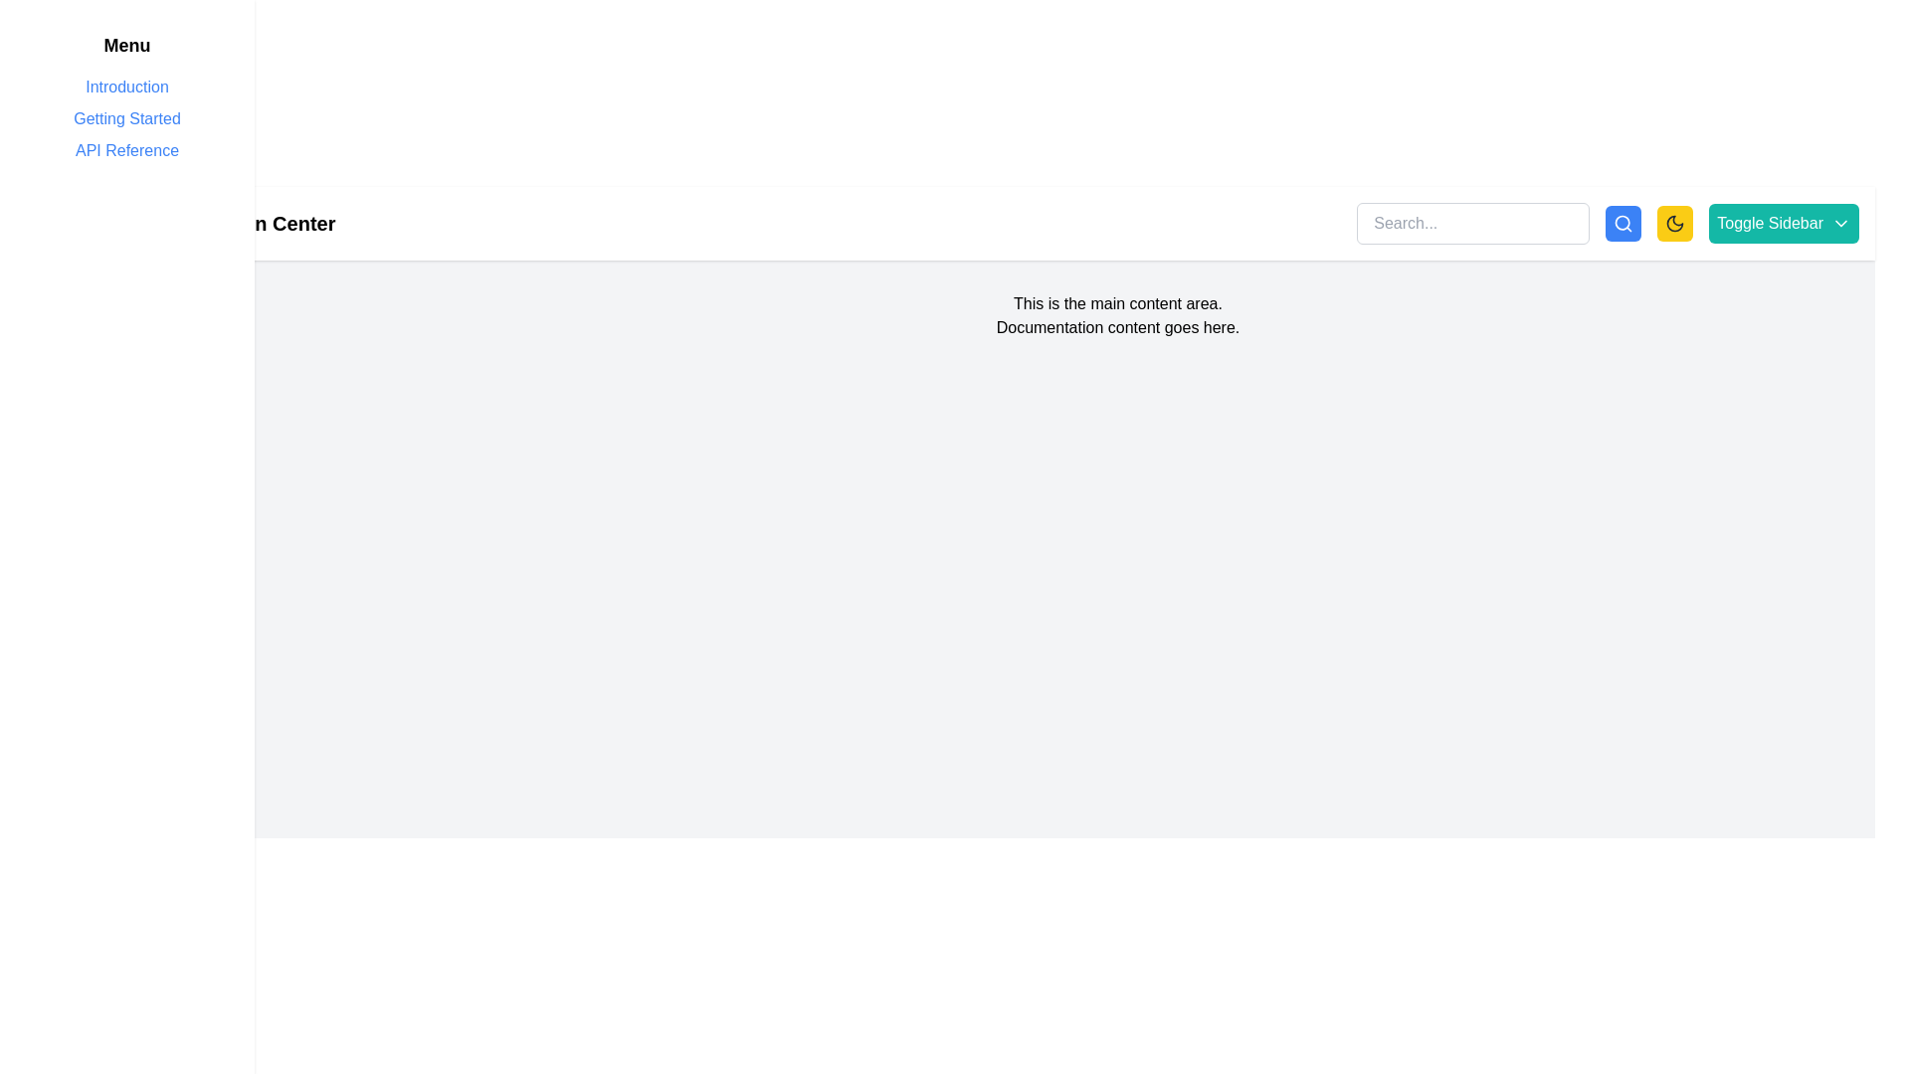 This screenshot has height=1074, width=1910. I want to click on the static text label that reads 'This is the main content area.' which is located at the top of the main content area, above the documentation content, so click(1117, 303).